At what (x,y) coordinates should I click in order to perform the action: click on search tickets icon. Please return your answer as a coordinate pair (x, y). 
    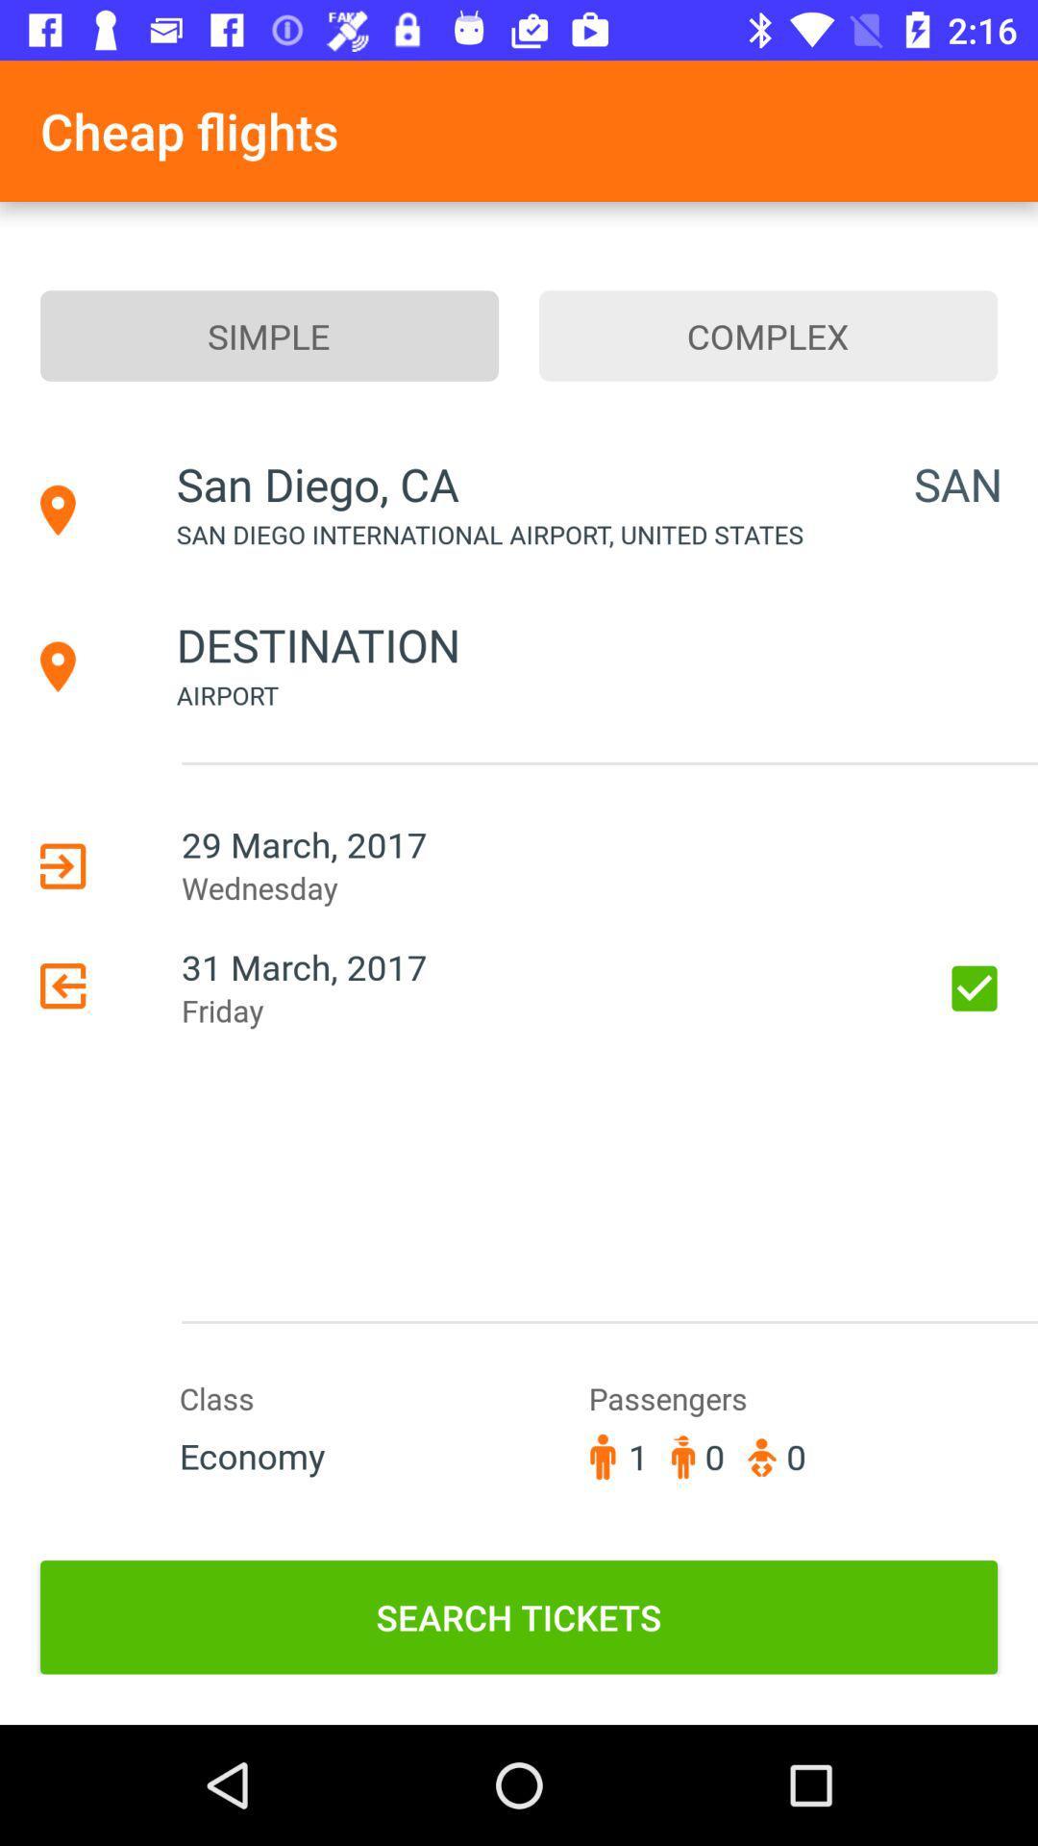
    Looking at the image, I should click on (519, 1616).